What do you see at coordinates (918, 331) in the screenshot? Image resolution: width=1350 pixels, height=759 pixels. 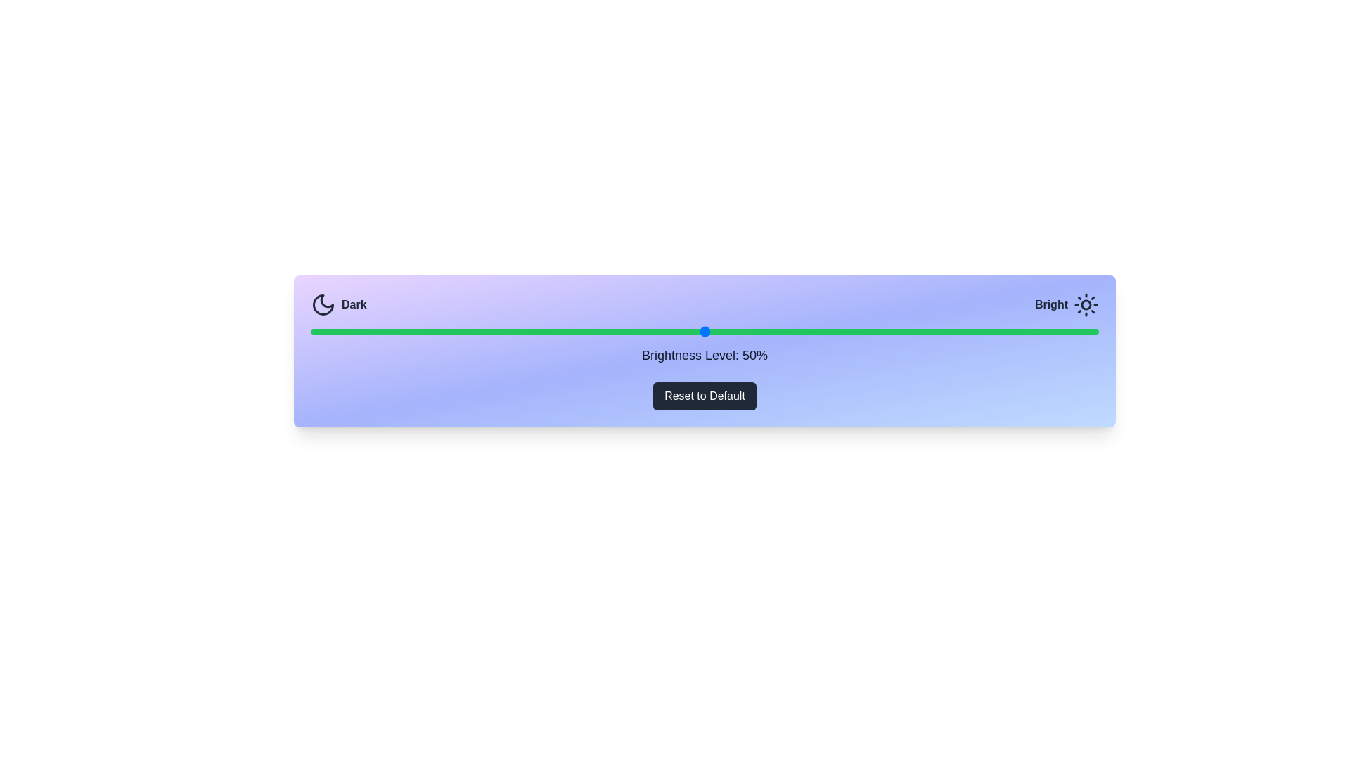 I see `the brightness slider to 77%` at bounding box center [918, 331].